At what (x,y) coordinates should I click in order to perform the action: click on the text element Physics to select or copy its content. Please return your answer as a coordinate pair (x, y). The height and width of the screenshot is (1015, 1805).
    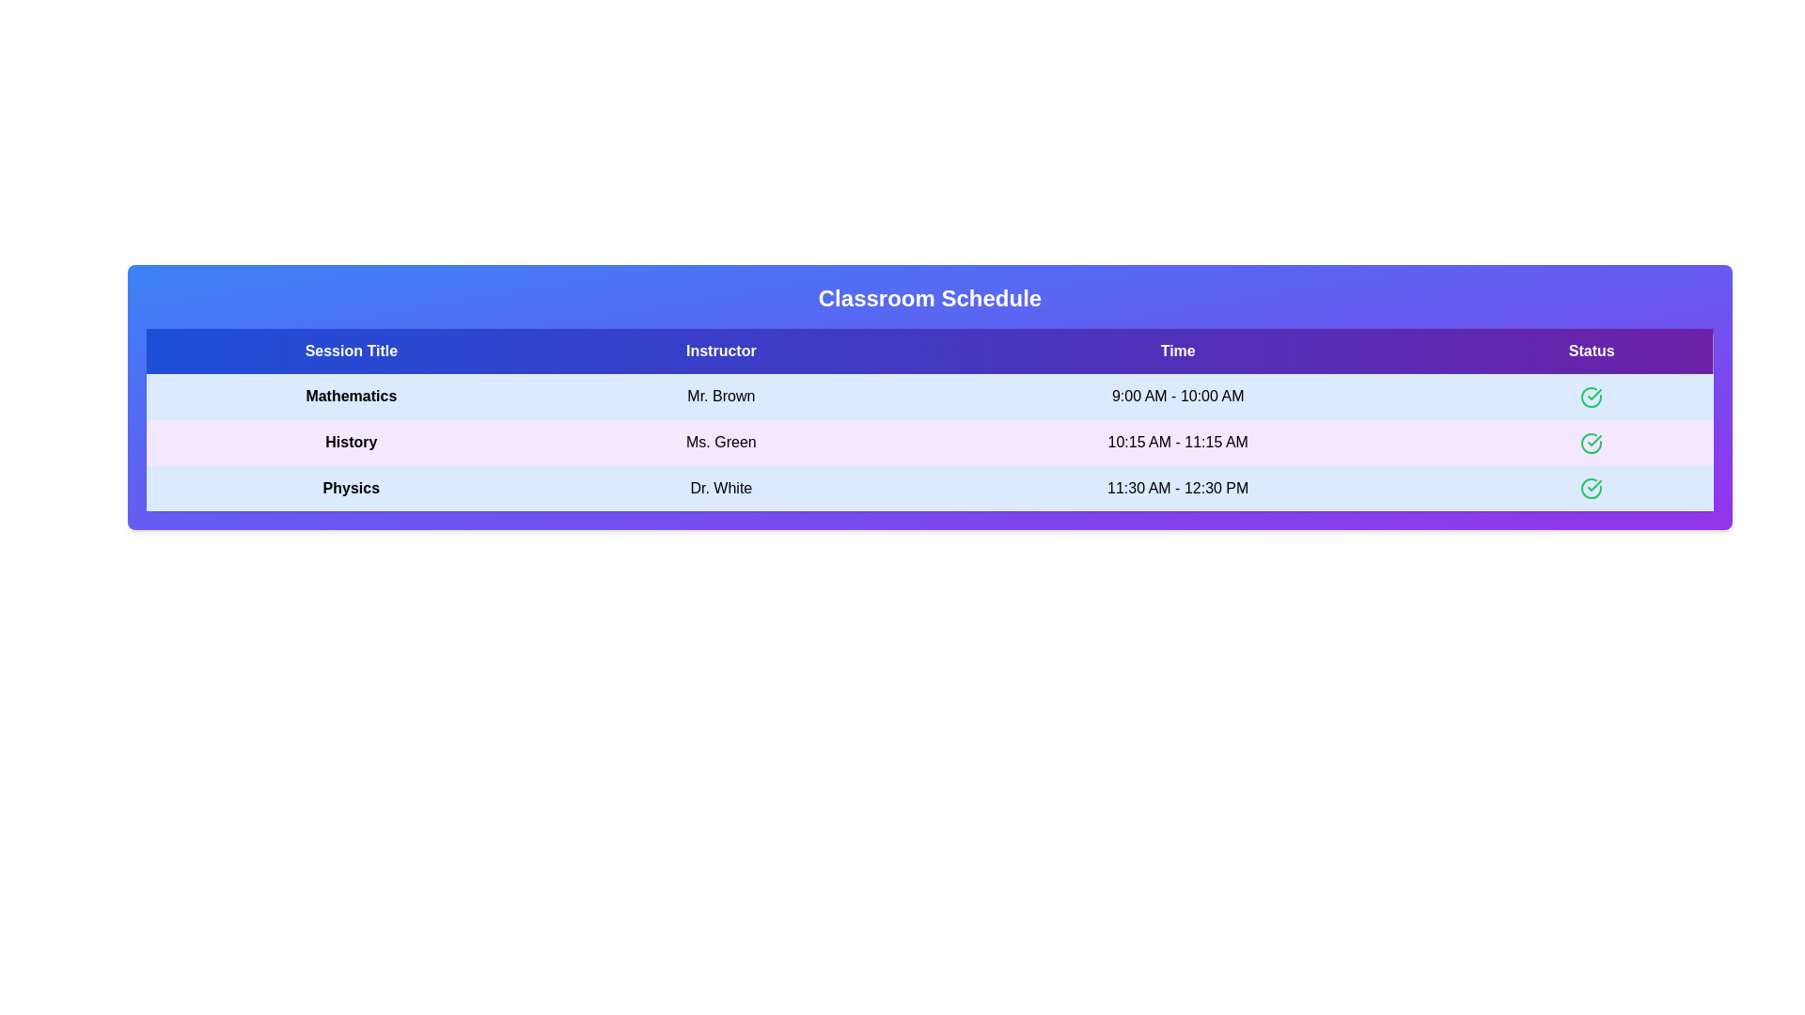
    Looking at the image, I should click on (351, 488).